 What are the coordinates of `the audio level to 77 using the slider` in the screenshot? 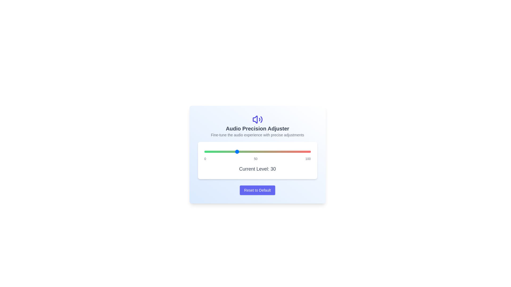 It's located at (286, 151).